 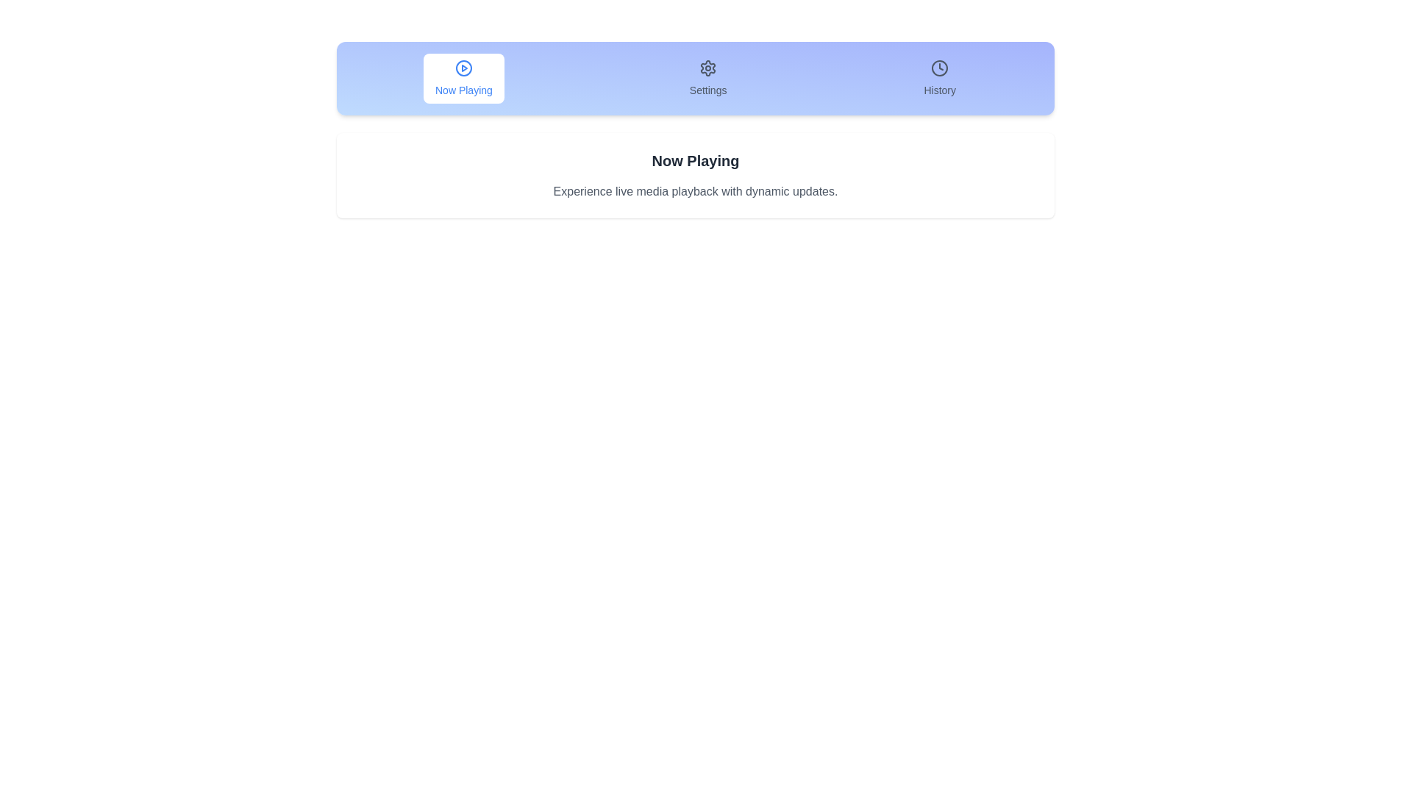 What do you see at coordinates (708, 79) in the screenshot?
I see `the Settings tab to switch the content` at bounding box center [708, 79].